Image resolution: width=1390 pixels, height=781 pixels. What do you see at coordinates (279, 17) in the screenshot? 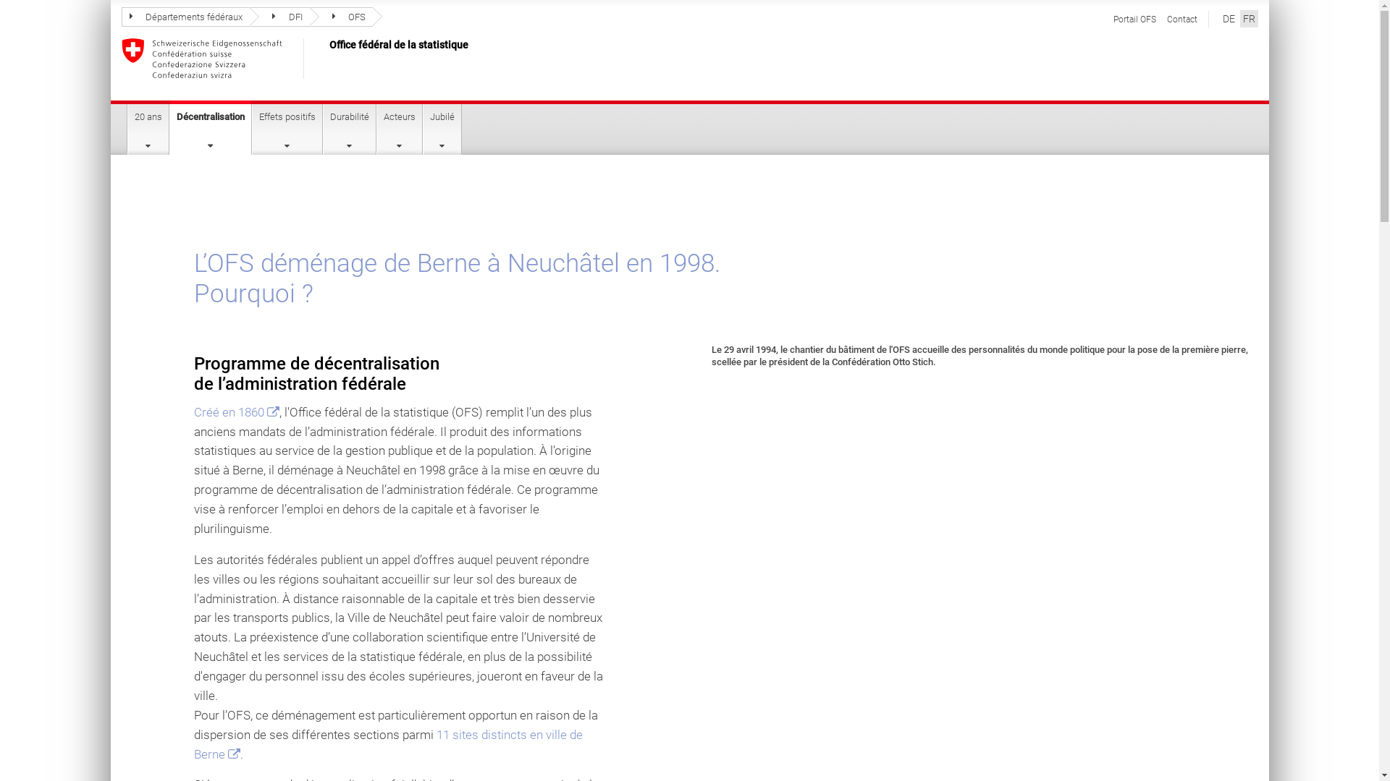
I see `'DFI'` at bounding box center [279, 17].